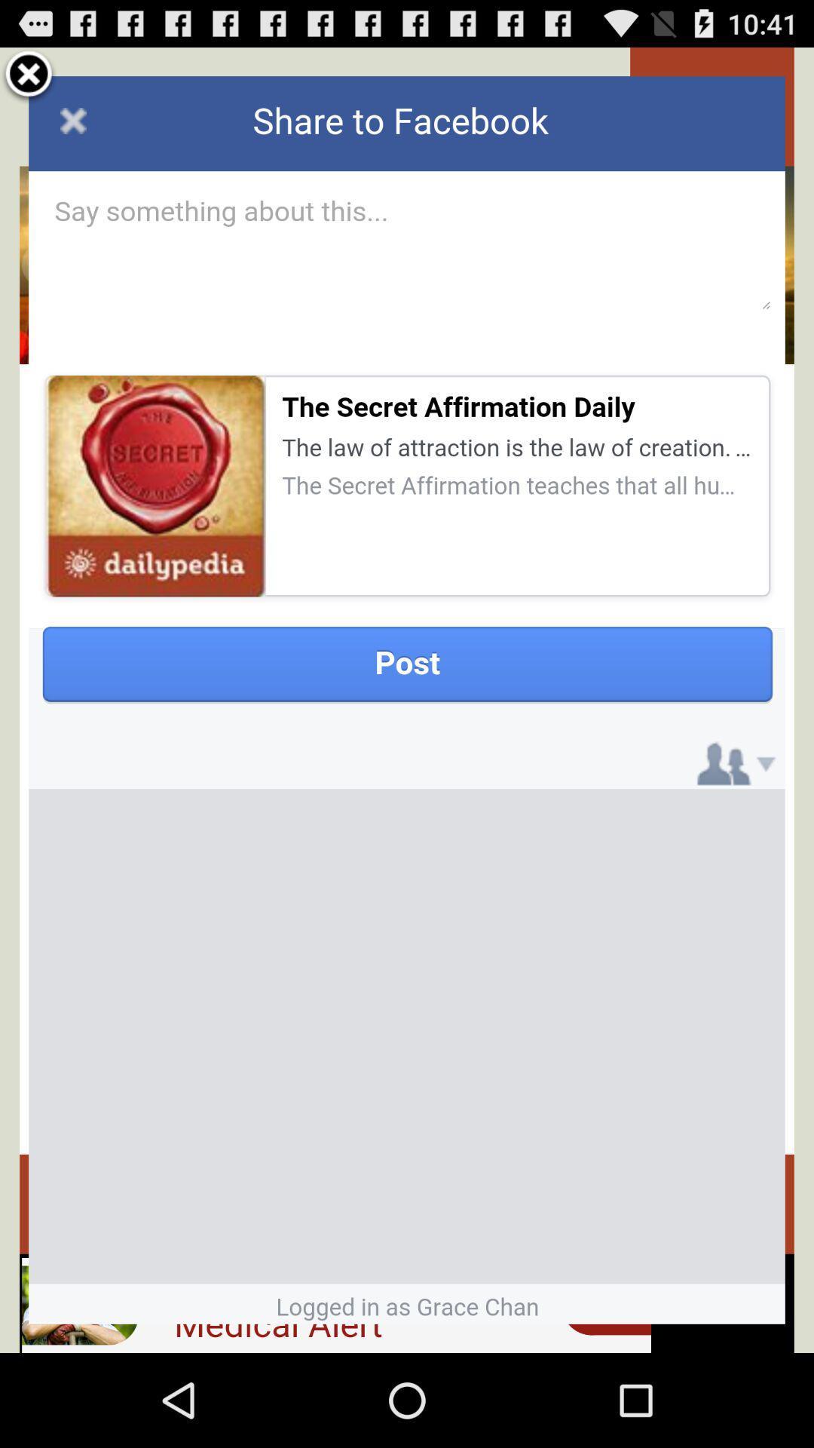 The image size is (814, 1448). I want to click on facebook post page, so click(407, 699).